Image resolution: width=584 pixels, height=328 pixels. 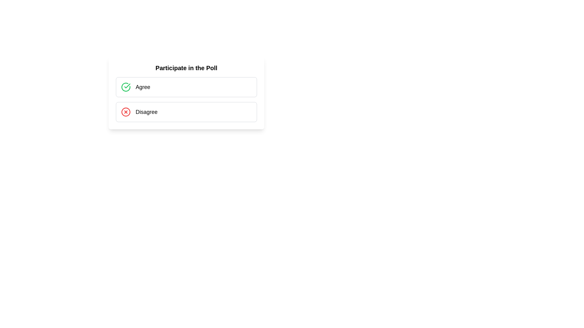 What do you see at coordinates (125, 87) in the screenshot?
I see `the green circular icon with a checkmark symbol, located to the left of the 'Agree' text label in the 'Participate in the Poll' options` at bounding box center [125, 87].